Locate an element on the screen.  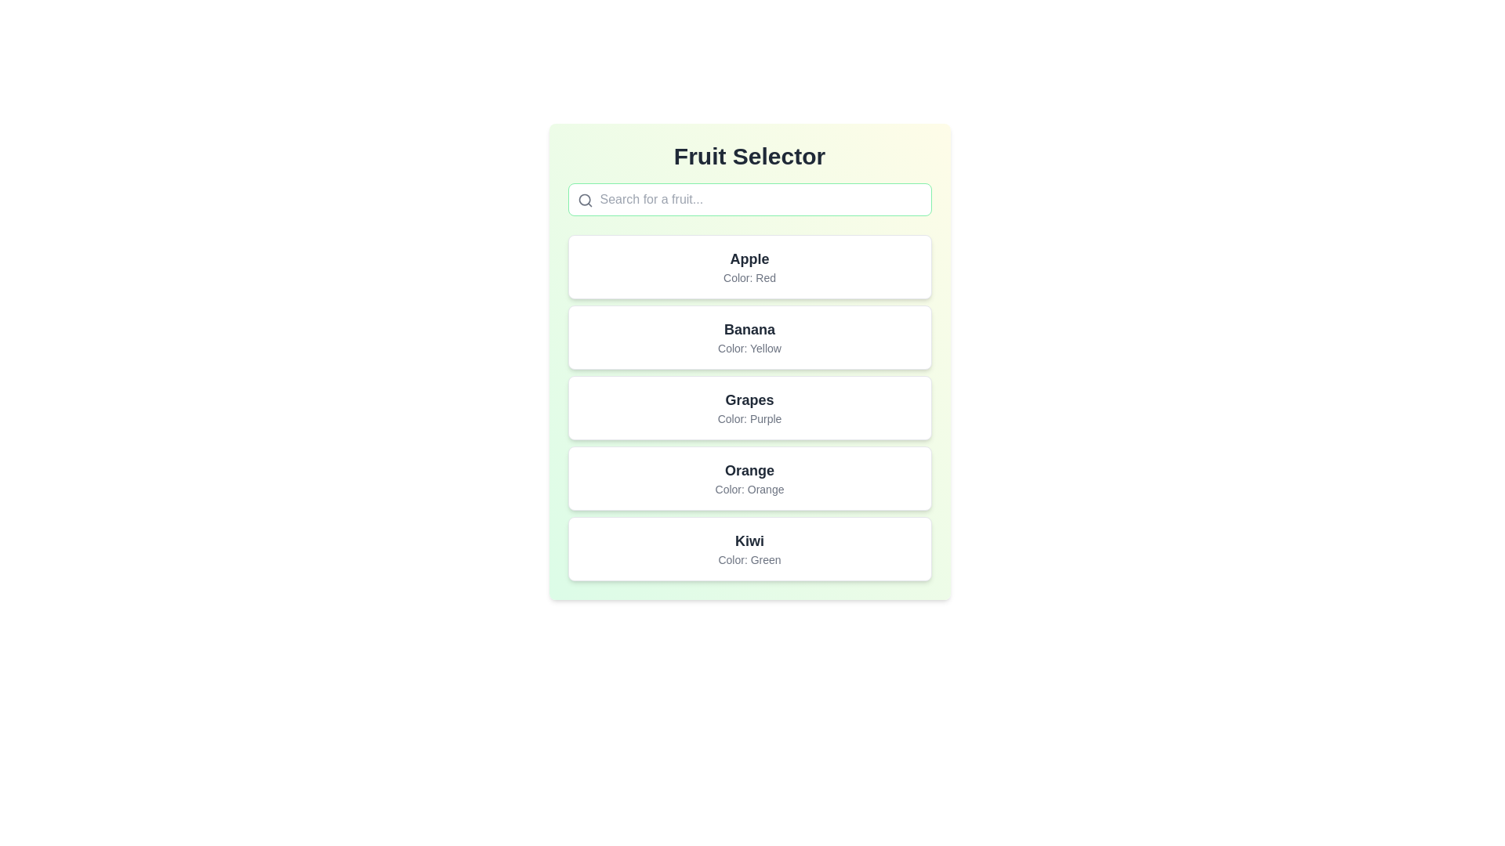
the representation of the main circular component of the magnifying glass icon located within the search bar at the top-left corner of the Fruit Selector interface is located at coordinates (583, 199).